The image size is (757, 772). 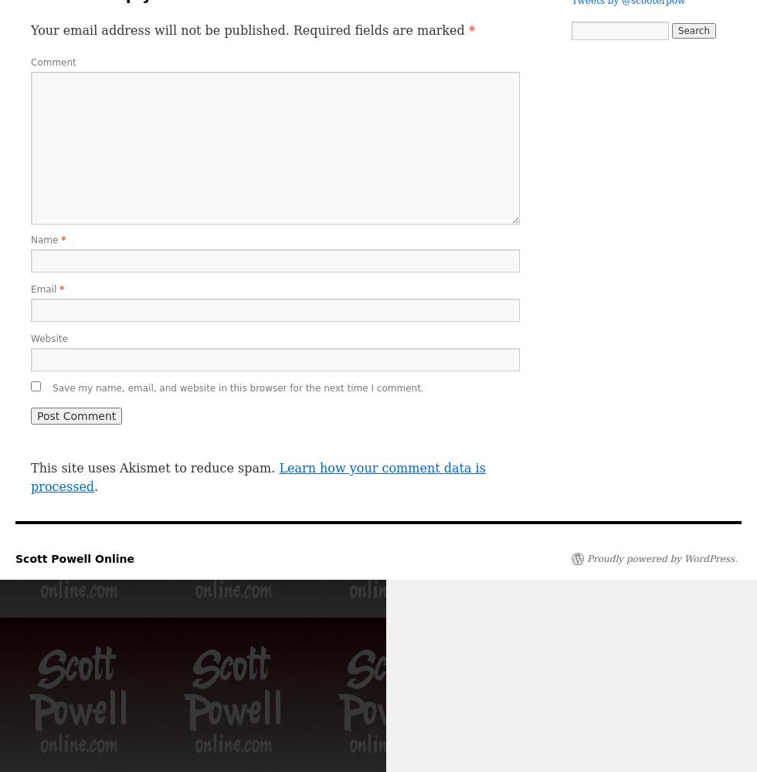 I want to click on 'Proudly powered by WordPress.', so click(x=662, y=558).